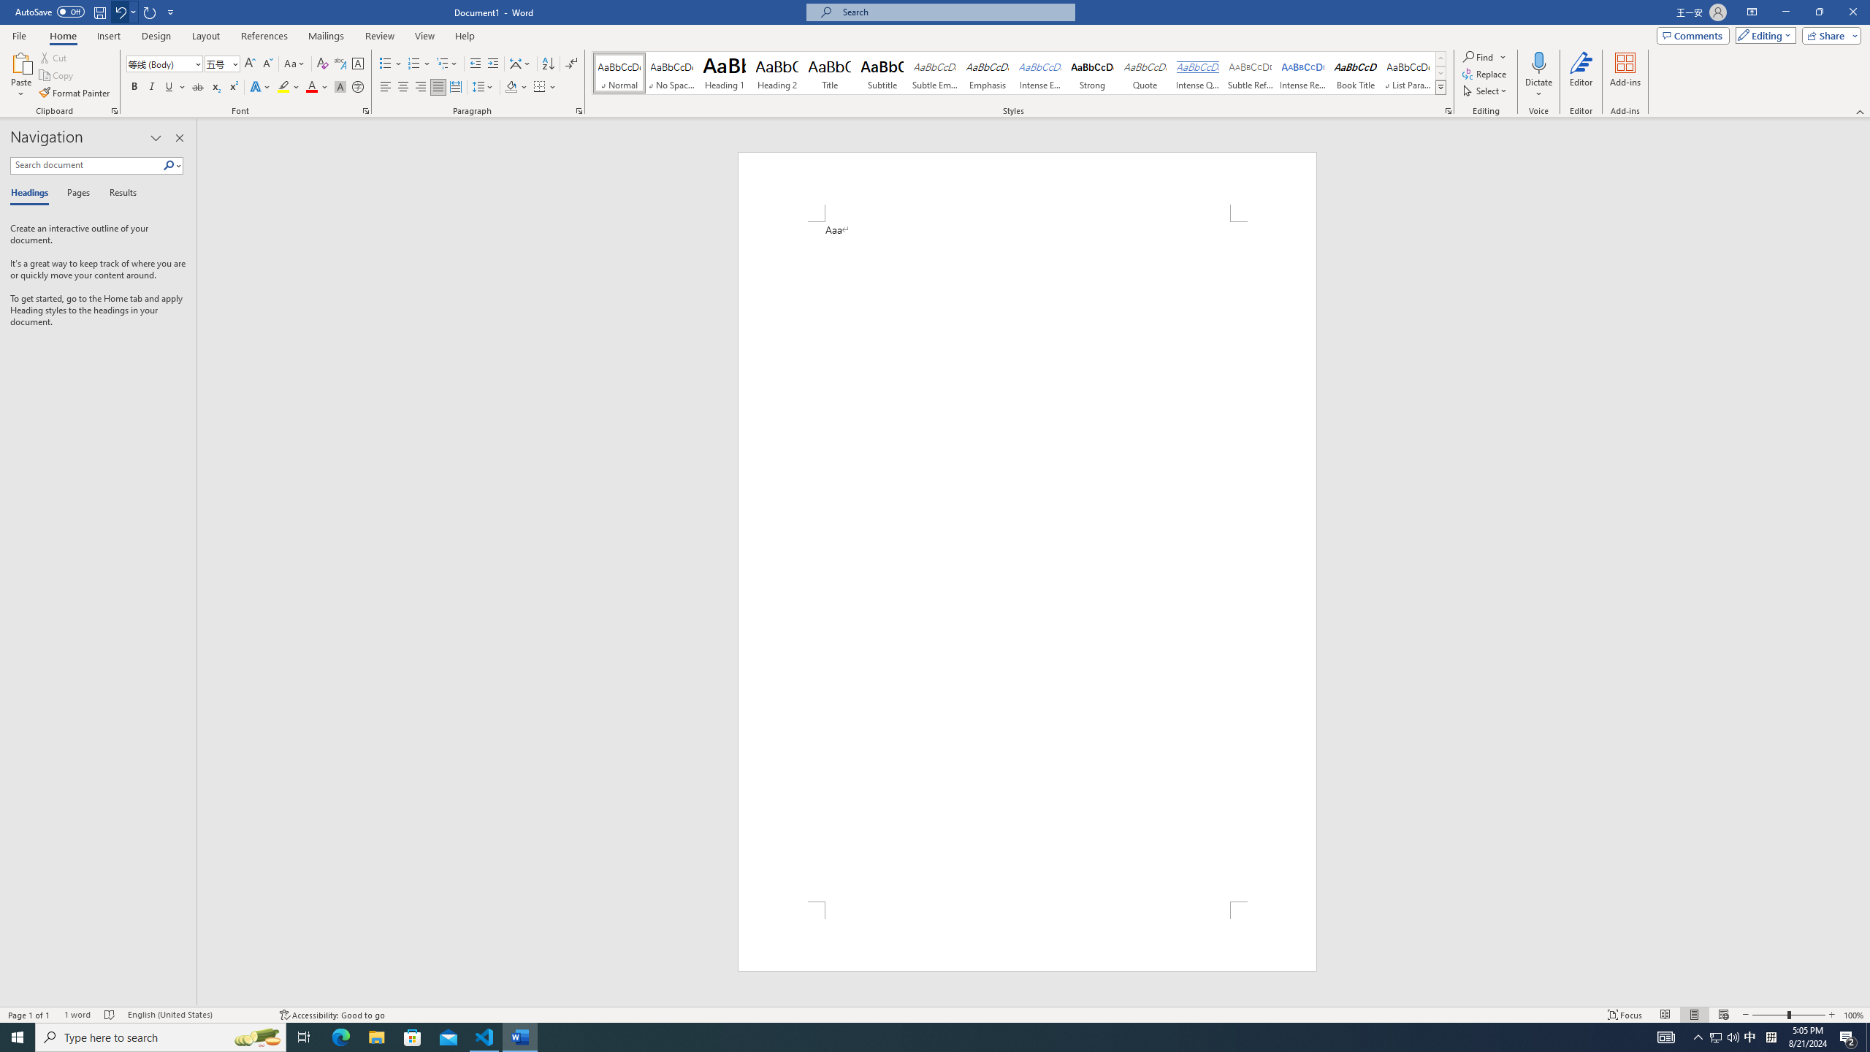 Image resolution: width=1870 pixels, height=1052 pixels. I want to click on 'Page Number Page 1 of 1', so click(29, 1015).